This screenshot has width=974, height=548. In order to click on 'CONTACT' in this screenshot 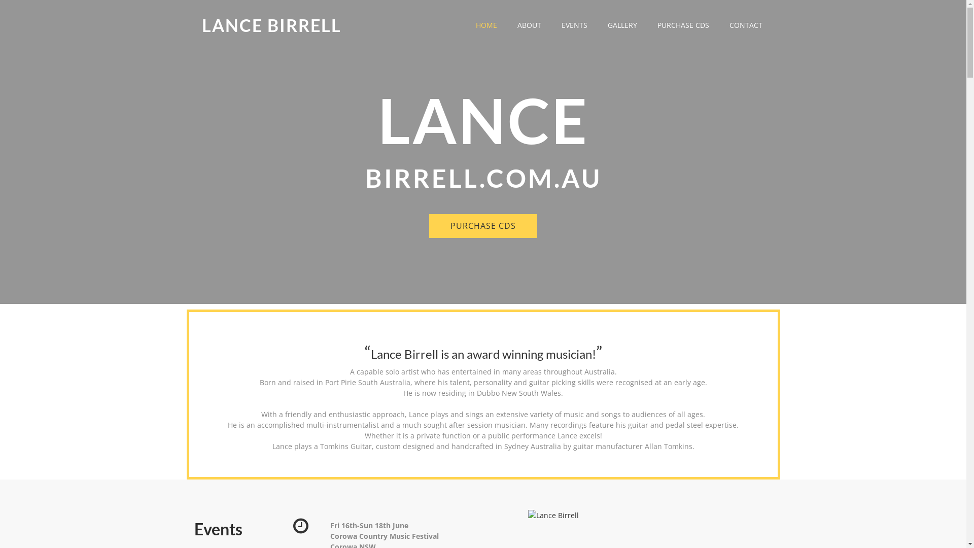, I will do `click(746, 25)`.